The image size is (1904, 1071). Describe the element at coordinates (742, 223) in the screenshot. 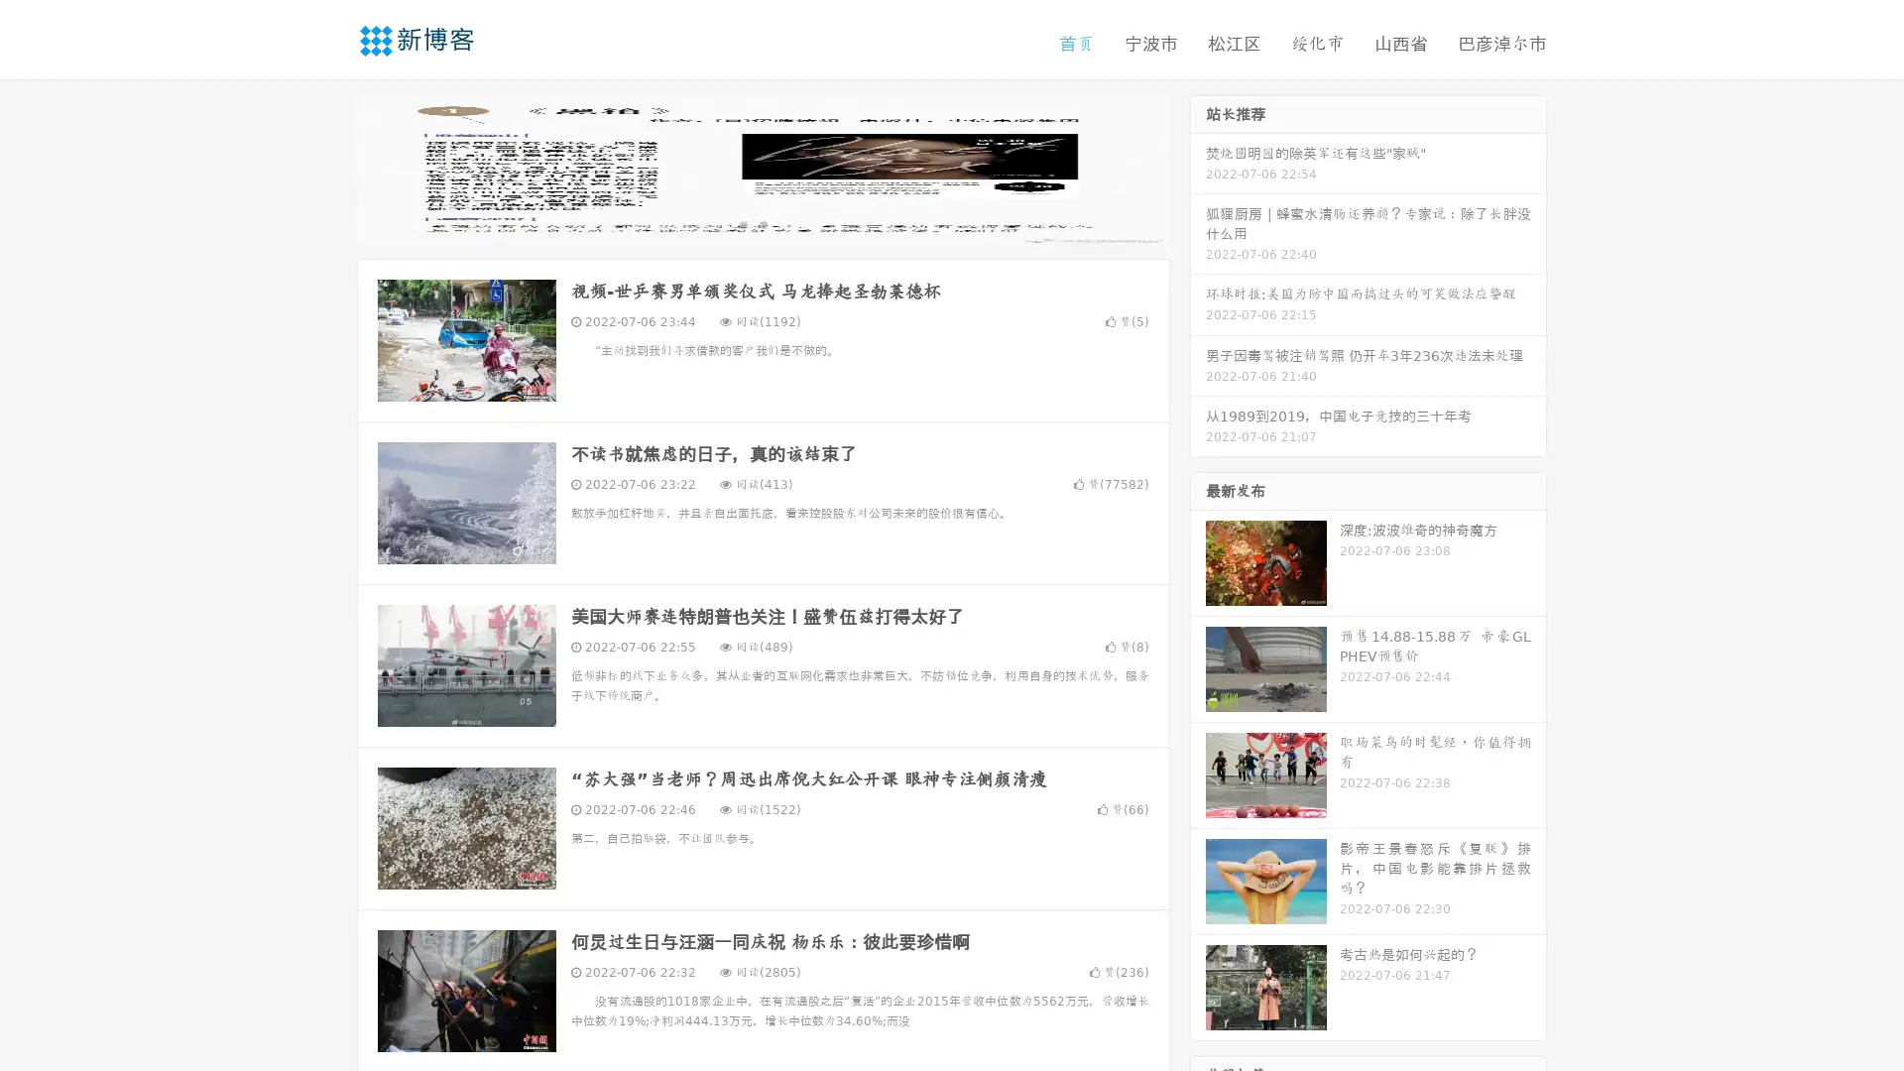

I see `Go to slide 1` at that location.